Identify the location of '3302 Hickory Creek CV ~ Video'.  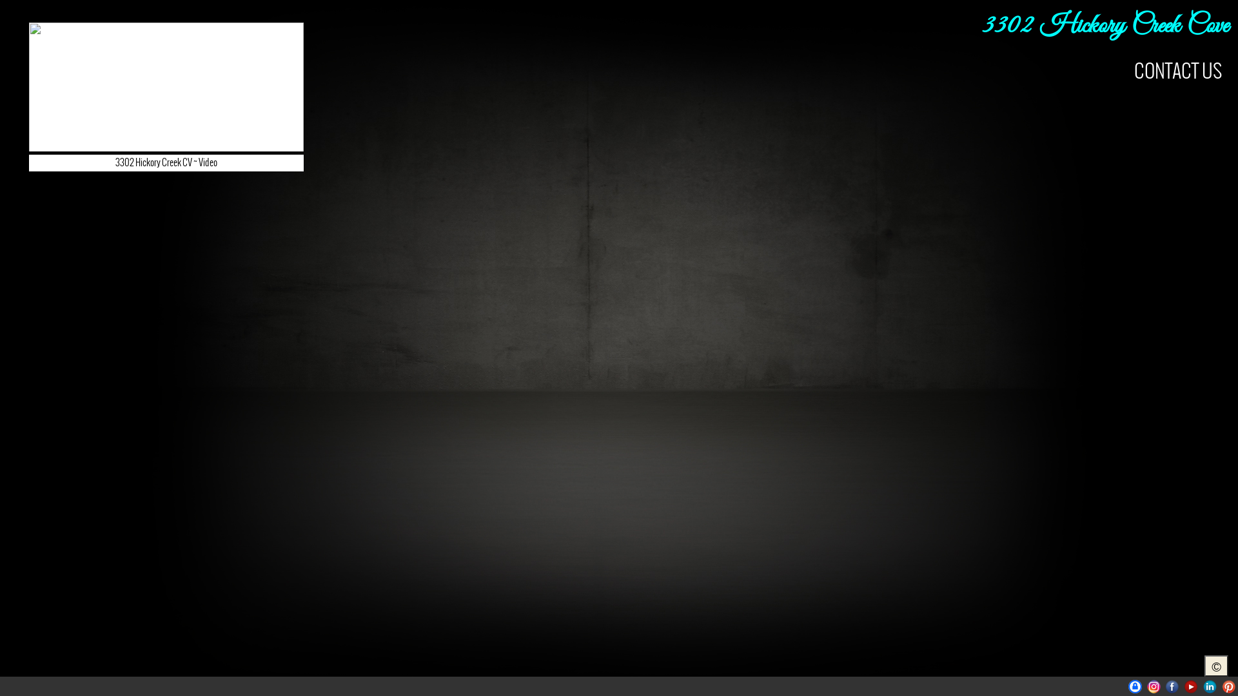
(166, 106).